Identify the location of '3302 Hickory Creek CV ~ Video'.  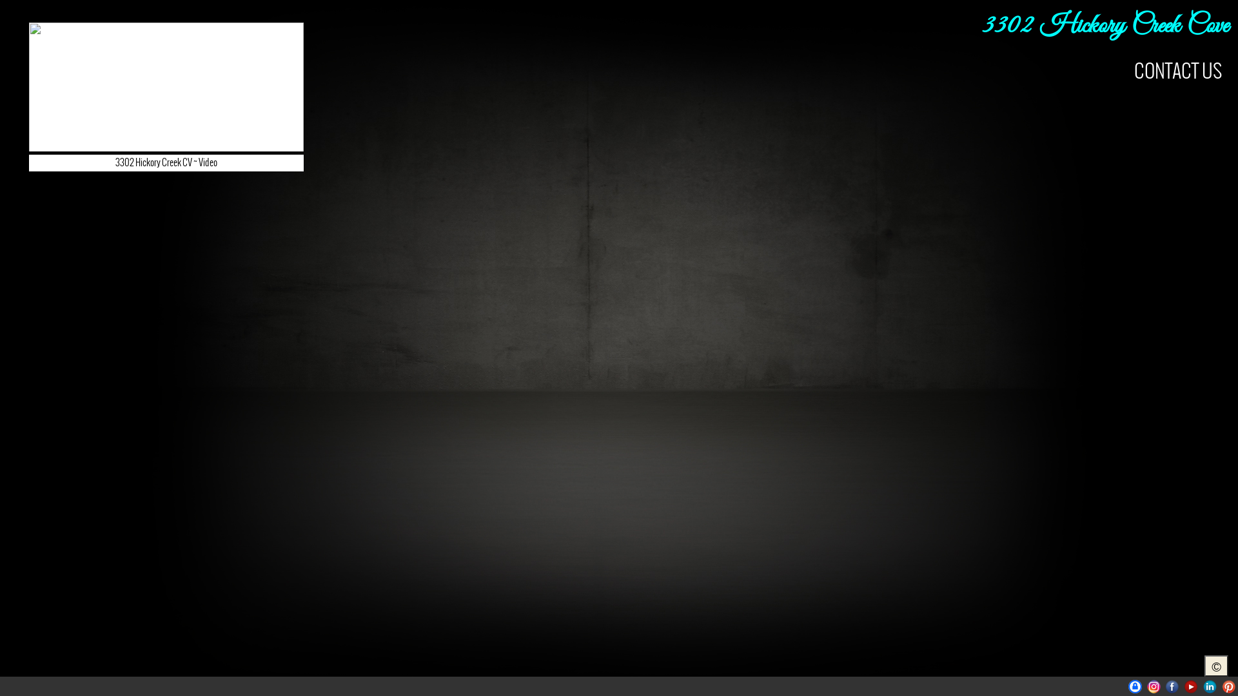
(166, 106).